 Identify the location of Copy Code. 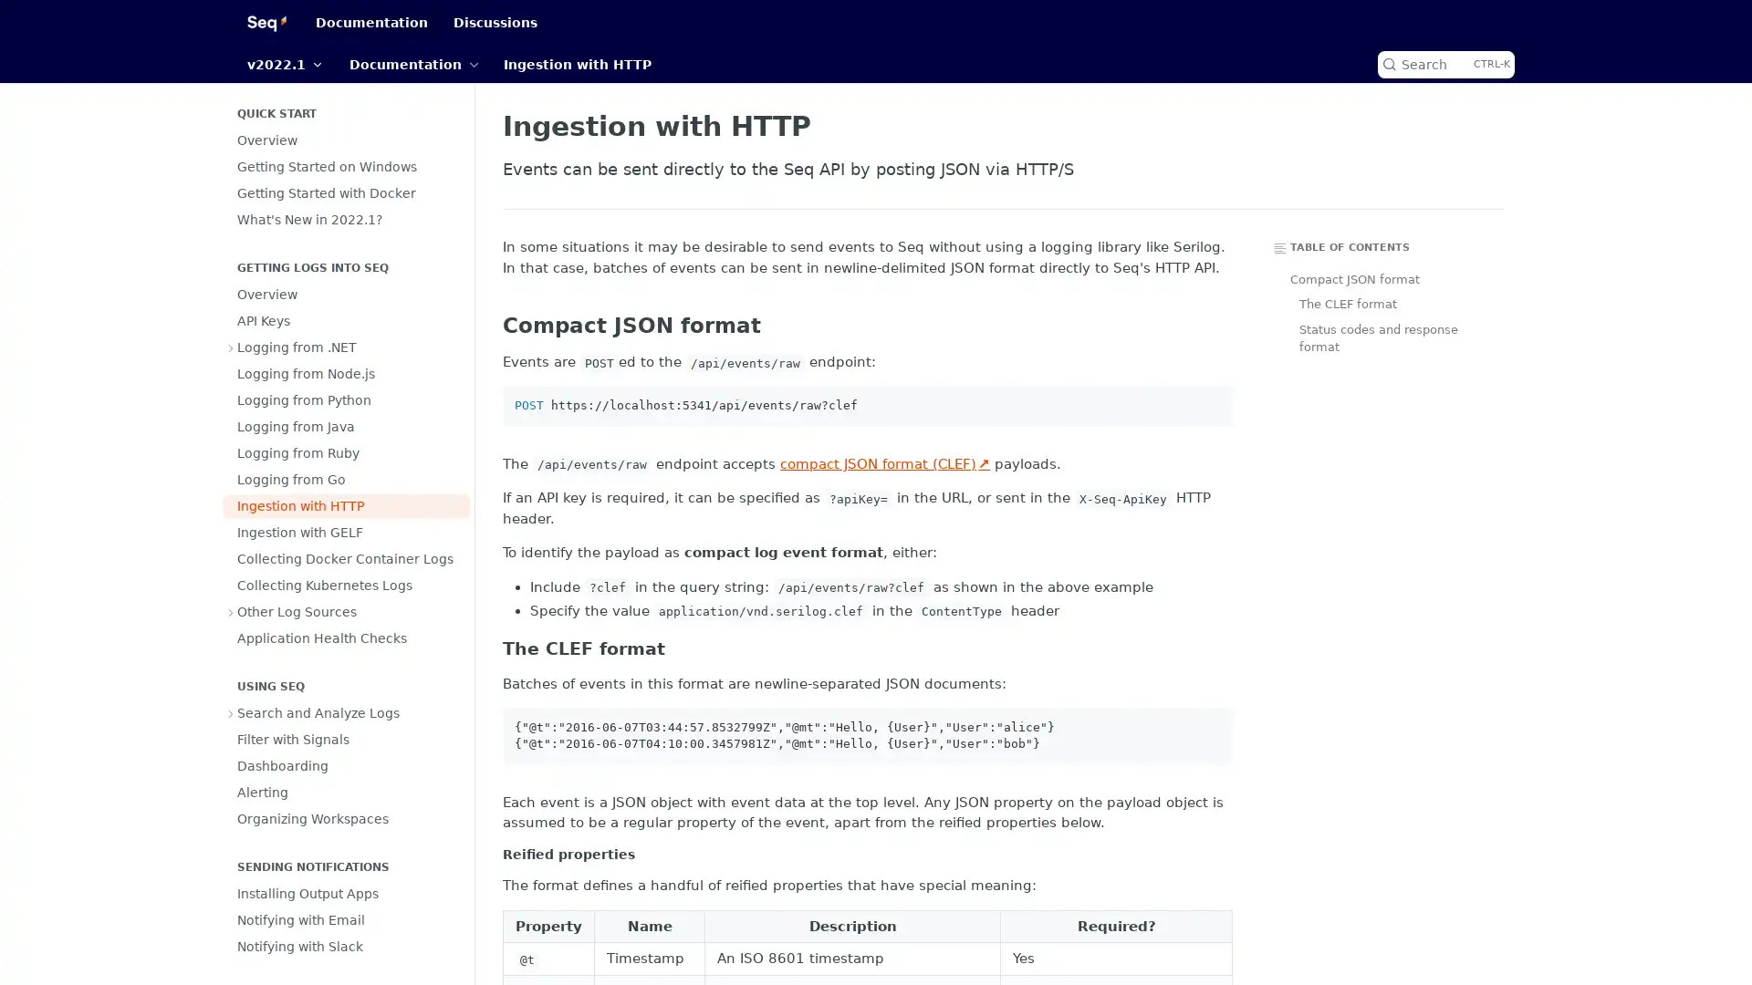
(1212, 727).